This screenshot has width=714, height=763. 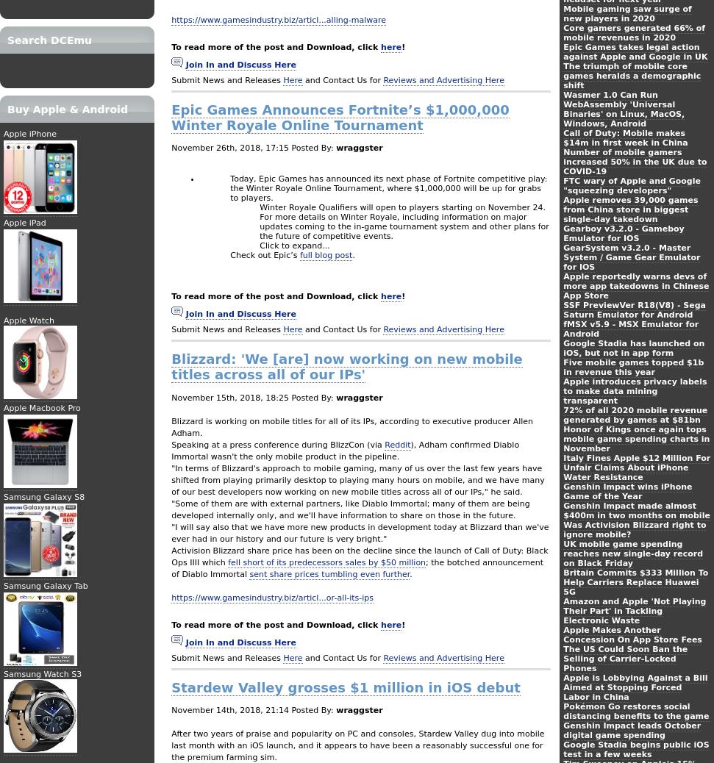 I want to click on 'SSF PreviewVer R18(V8) - Sega Saturn Emulator for Android', so click(x=634, y=310).